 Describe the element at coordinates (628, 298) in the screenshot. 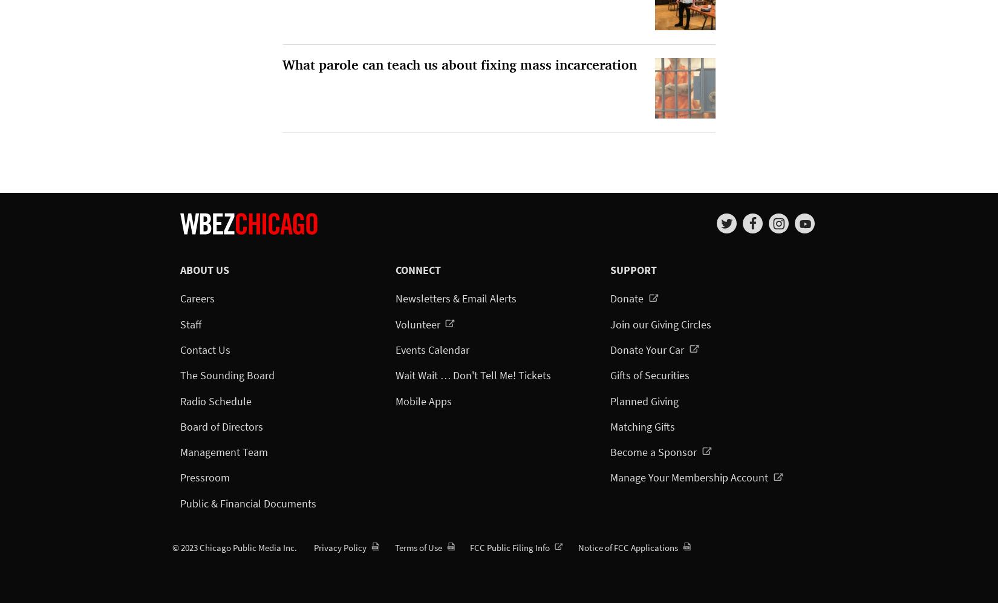

I see `'Donate'` at that location.